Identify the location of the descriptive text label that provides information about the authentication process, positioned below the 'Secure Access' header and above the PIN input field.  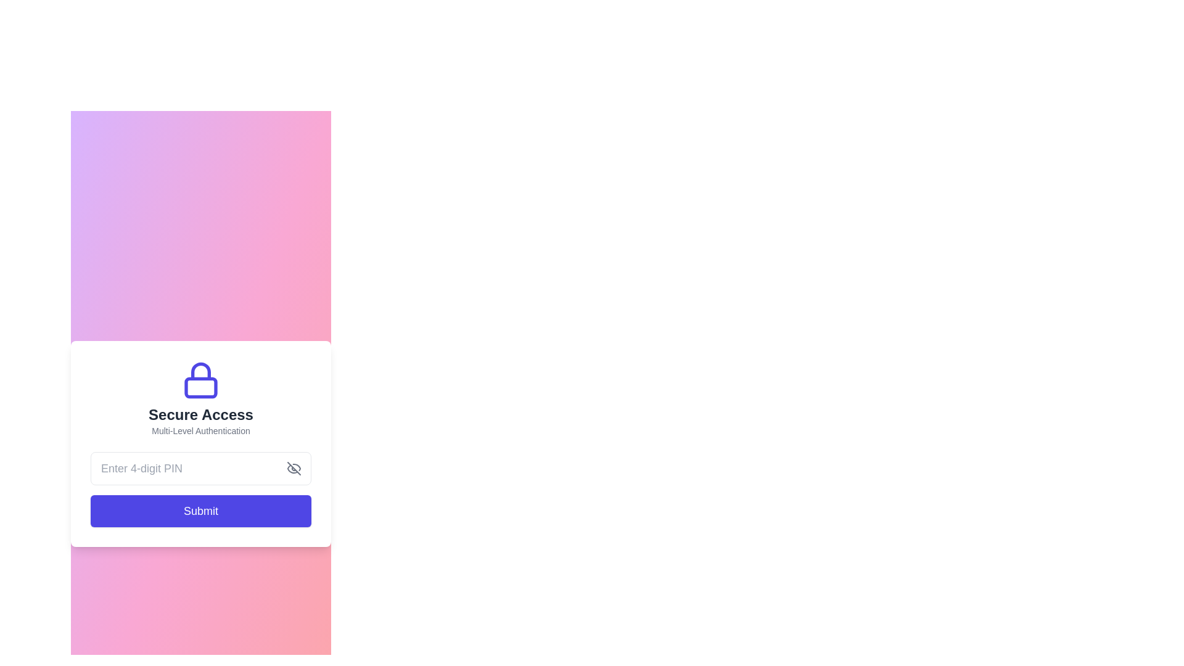
(201, 430).